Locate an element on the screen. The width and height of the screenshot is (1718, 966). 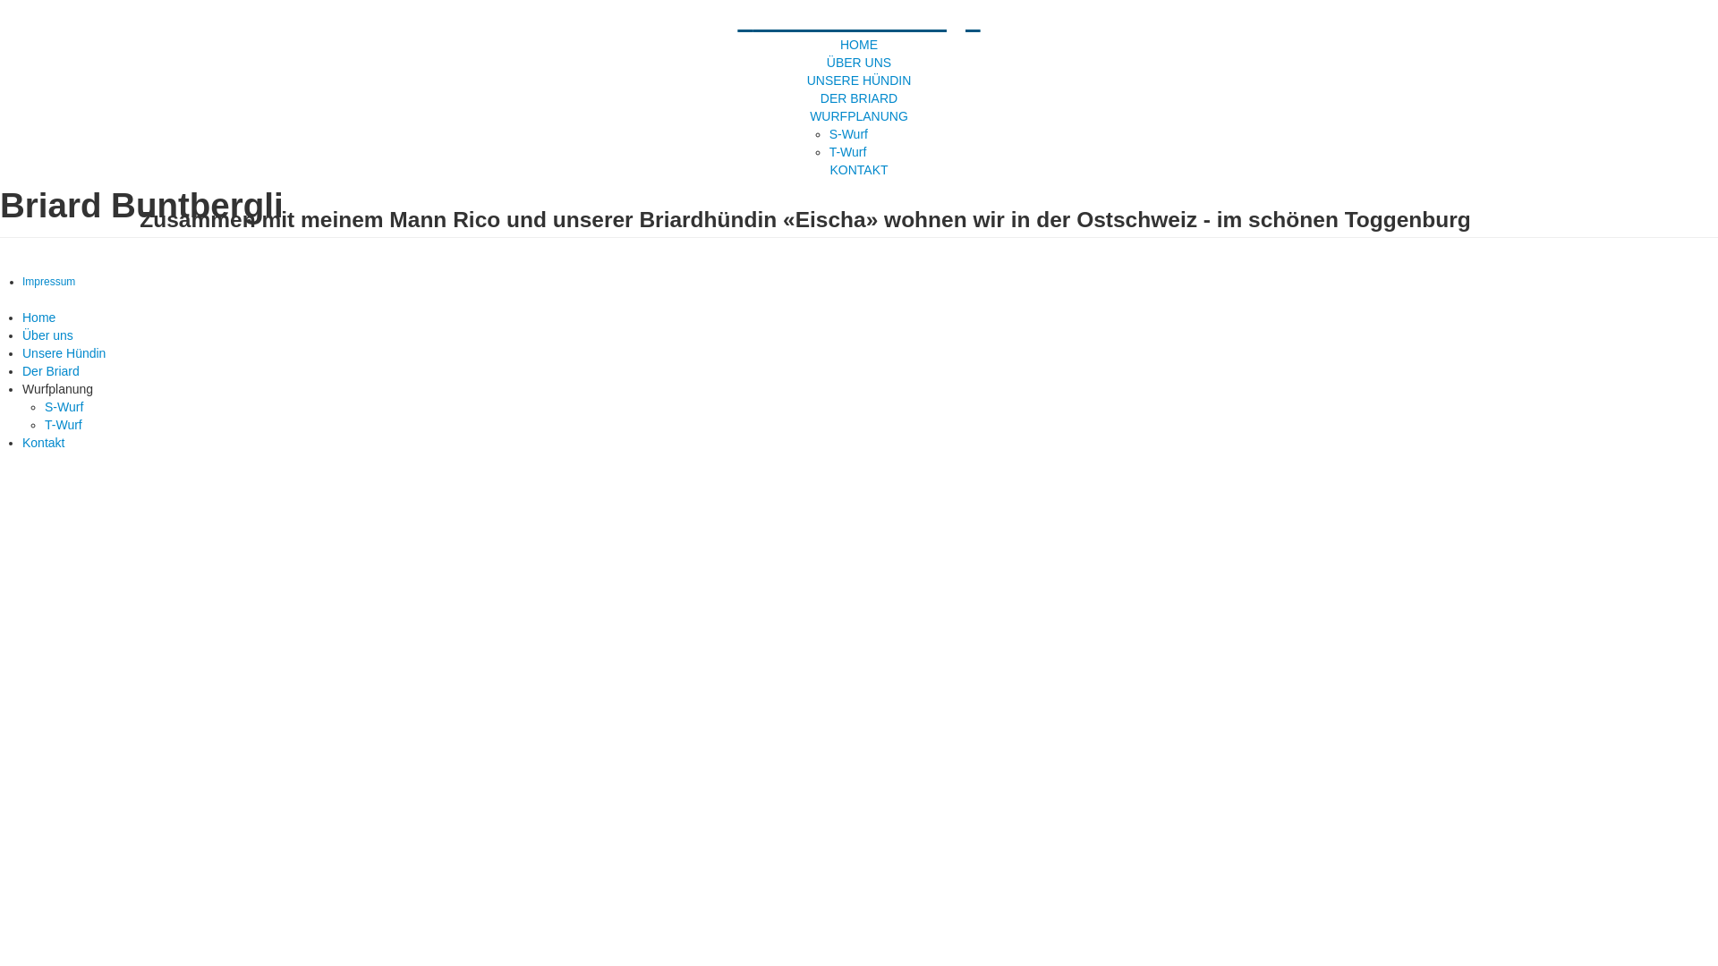
'T-Wurf' is located at coordinates (64, 424).